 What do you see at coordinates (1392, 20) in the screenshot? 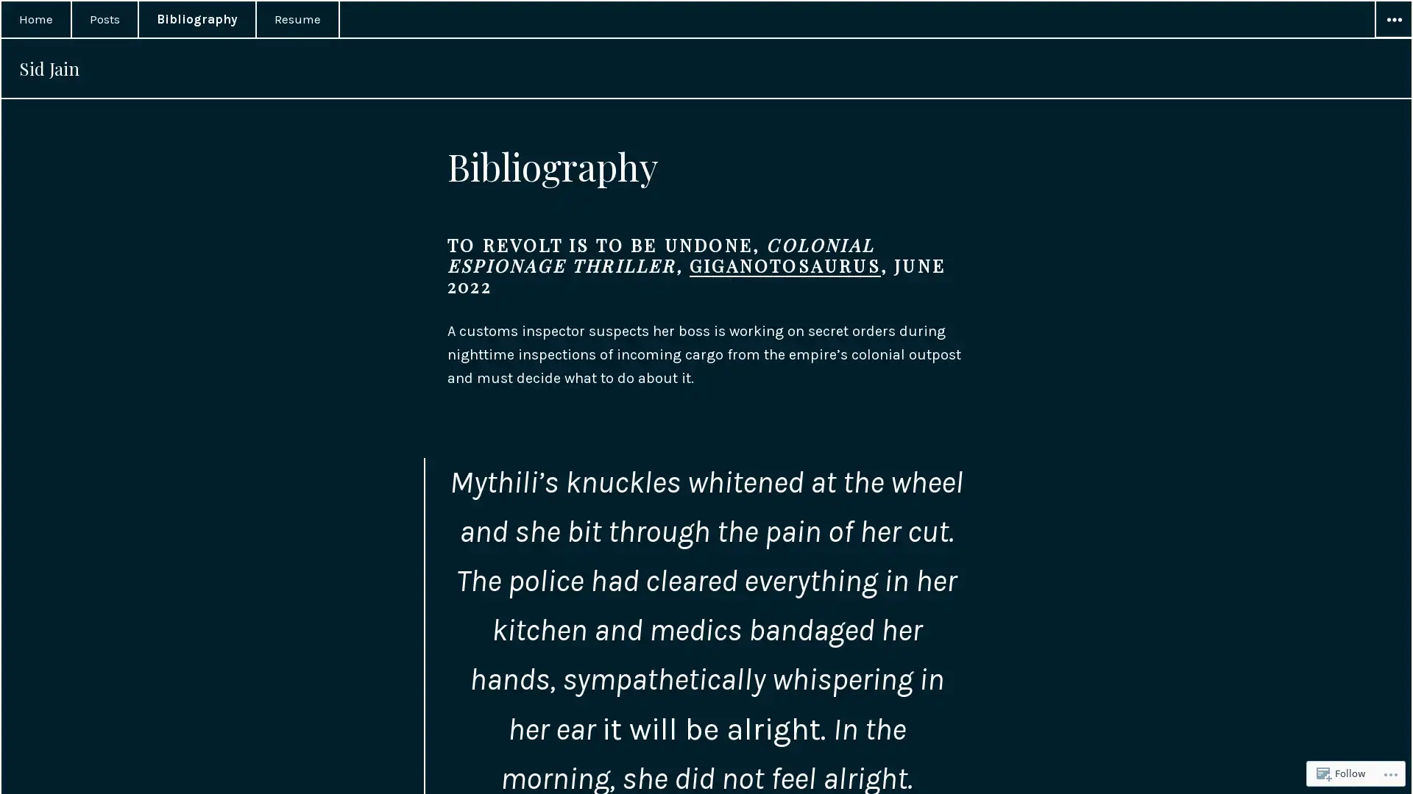
I see `WIDGETS` at bounding box center [1392, 20].